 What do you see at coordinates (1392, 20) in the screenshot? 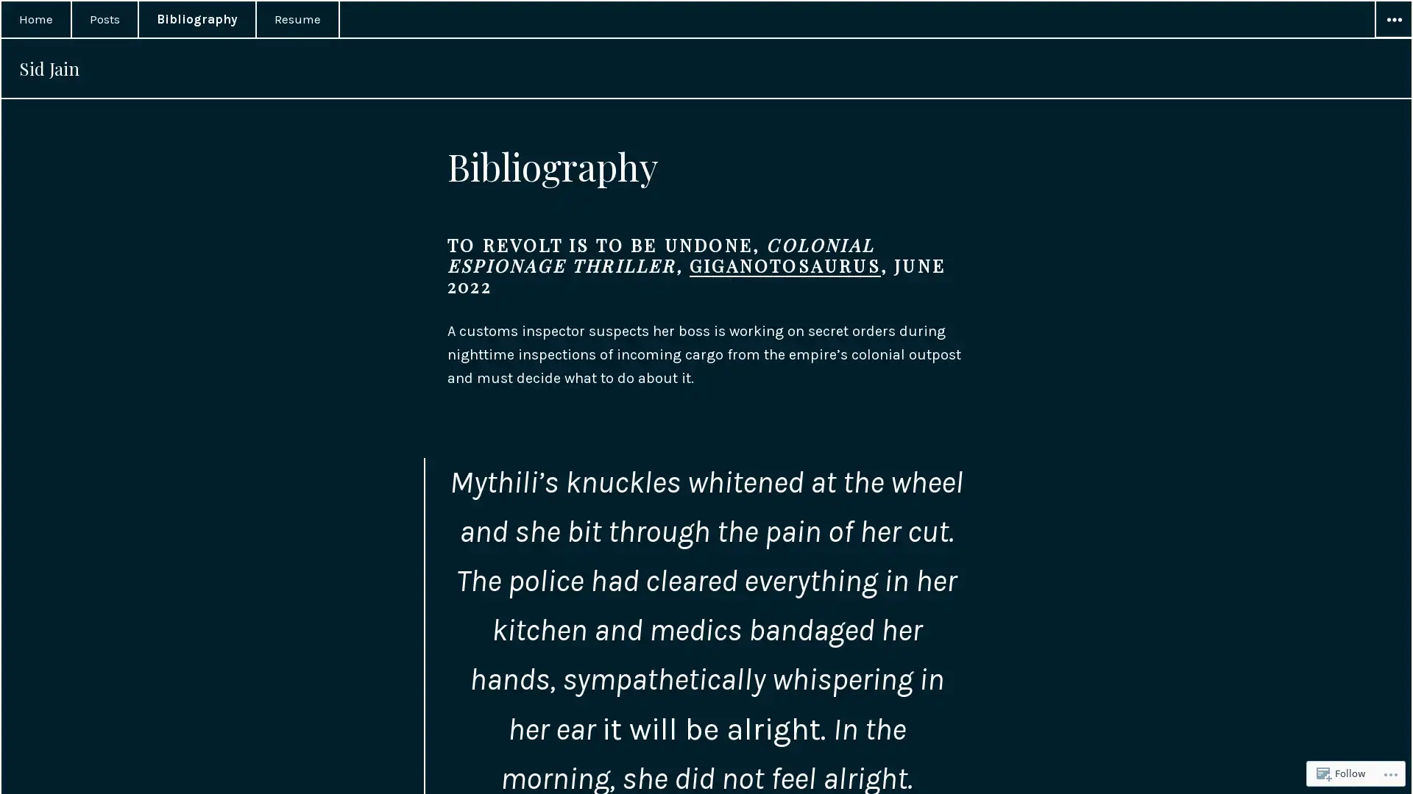
I see `WIDGETS` at bounding box center [1392, 20].